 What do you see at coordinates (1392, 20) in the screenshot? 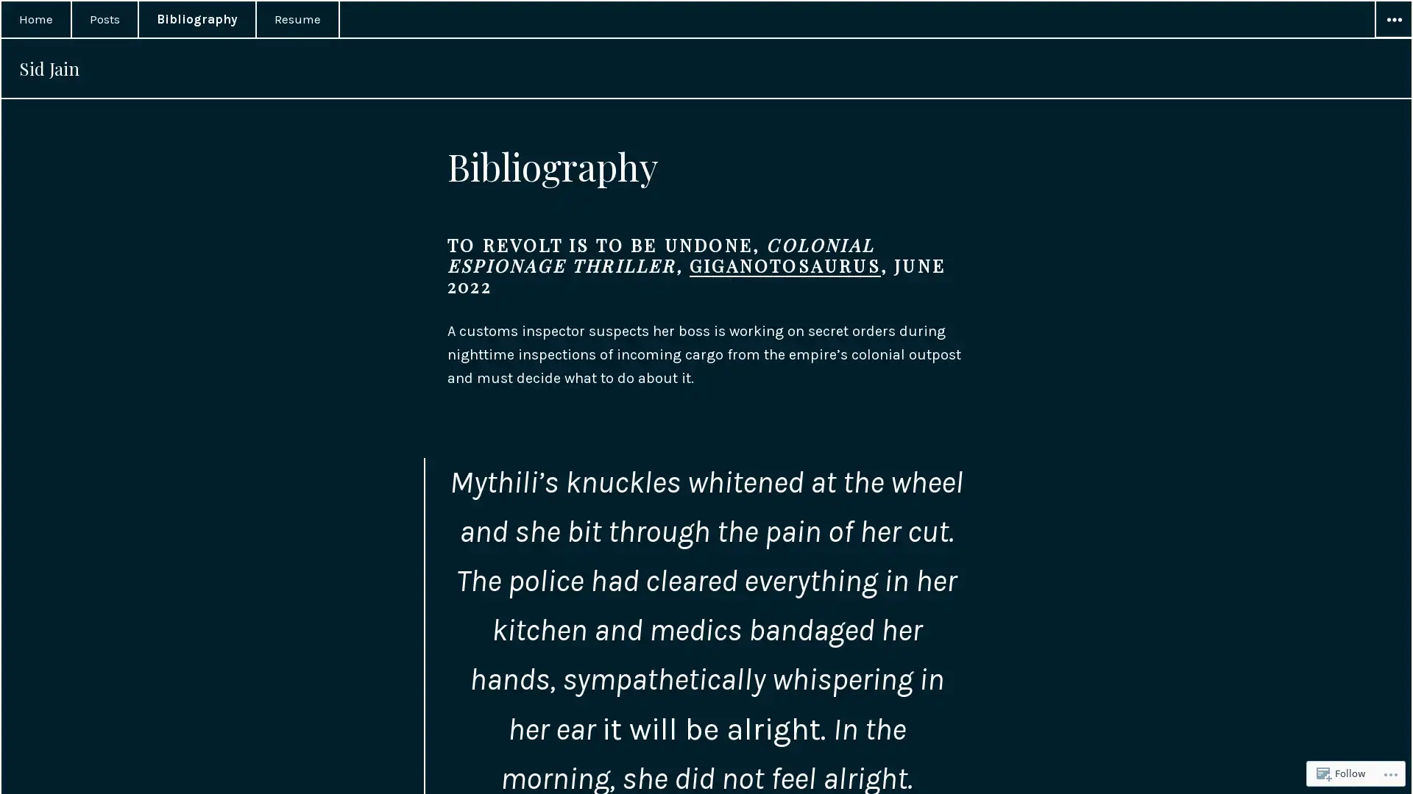
I see `WIDGETS` at bounding box center [1392, 20].